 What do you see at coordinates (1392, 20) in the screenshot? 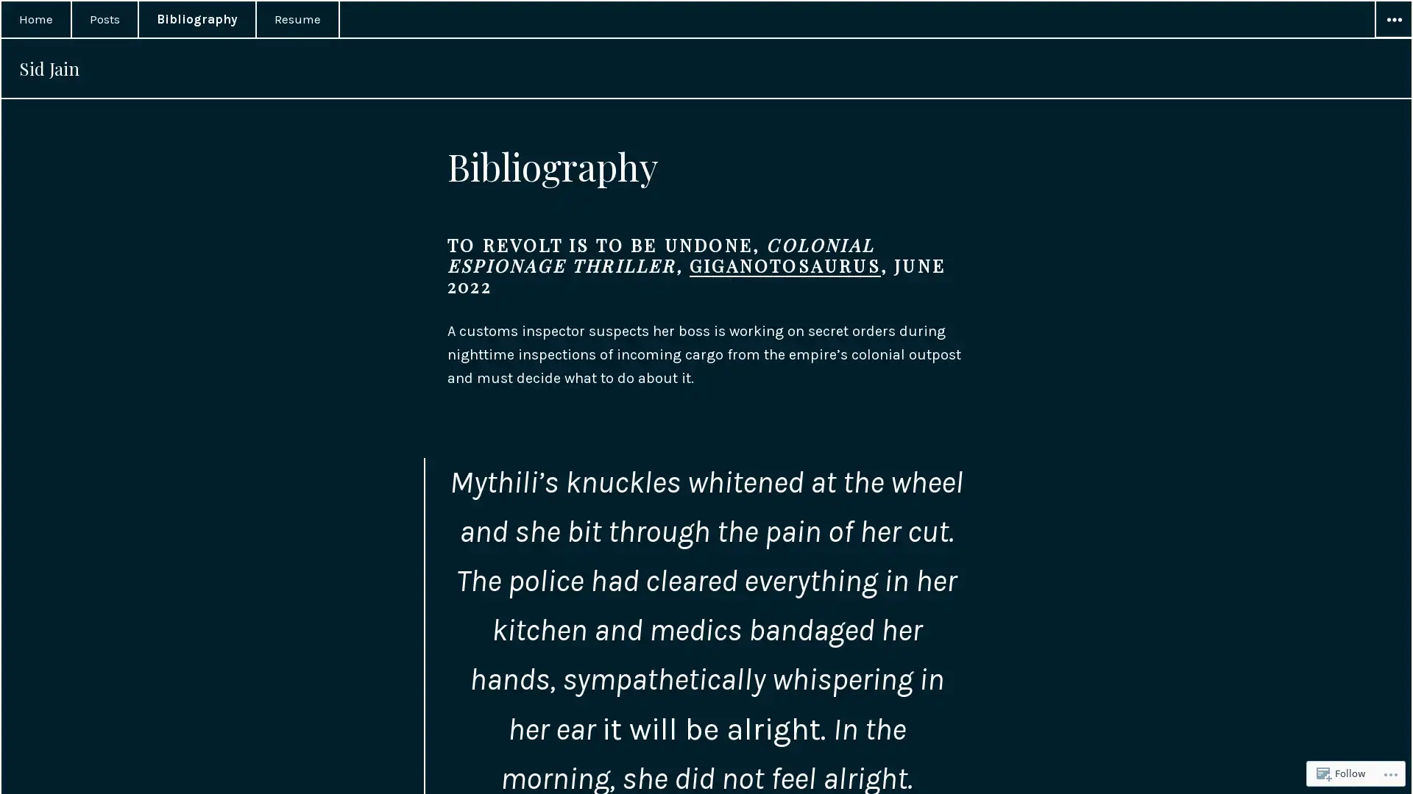
I see `WIDGETS` at bounding box center [1392, 20].